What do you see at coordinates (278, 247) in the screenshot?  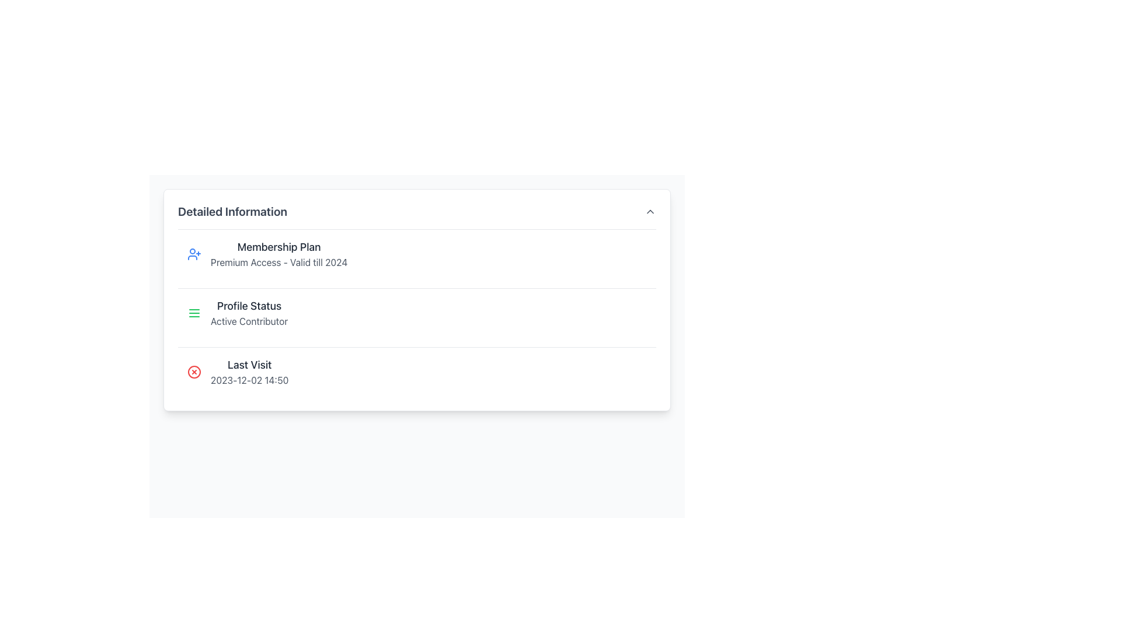 I see `text label displaying 'Membership Plan', which is prominently styled in bold and large font within the 'Detailed Information' subsection, positioned above 'Premium Access - Valid till 2024'` at bounding box center [278, 247].